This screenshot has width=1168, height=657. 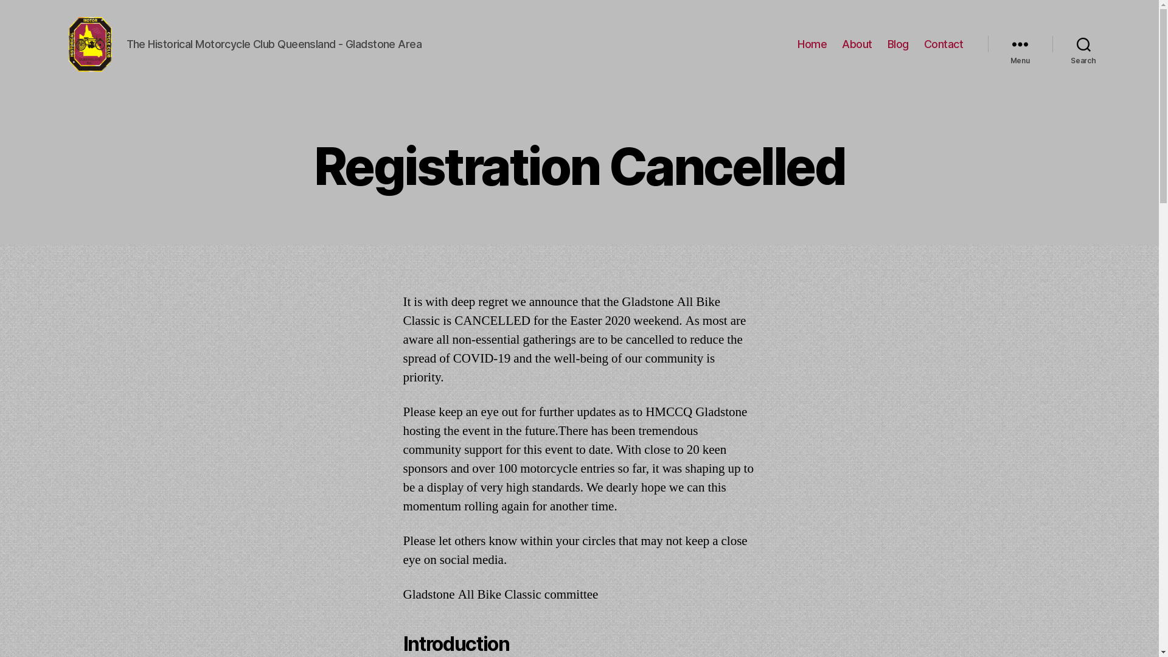 What do you see at coordinates (987, 44) in the screenshot?
I see `'Menu'` at bounding box center [987, 44].